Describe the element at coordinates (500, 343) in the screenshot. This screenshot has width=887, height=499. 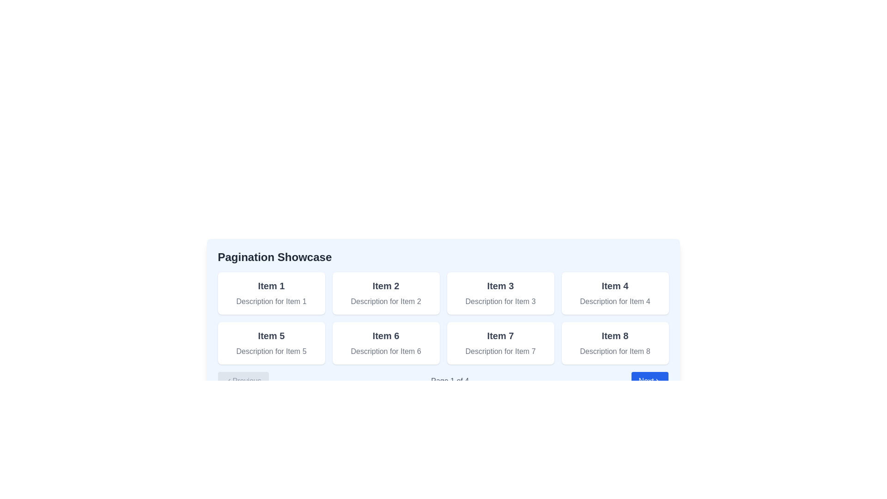
I see `the informational card displaying 'Item 7' which is located in the second row and third column of a 4x2 grid layout` at that location.